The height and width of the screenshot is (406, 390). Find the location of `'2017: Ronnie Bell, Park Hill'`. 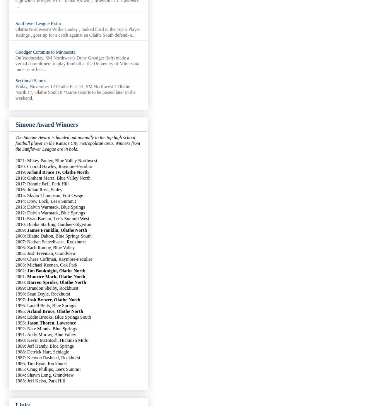

'2017: Ronnie Bell, Park Hill' is located at coordinates (42, 183).